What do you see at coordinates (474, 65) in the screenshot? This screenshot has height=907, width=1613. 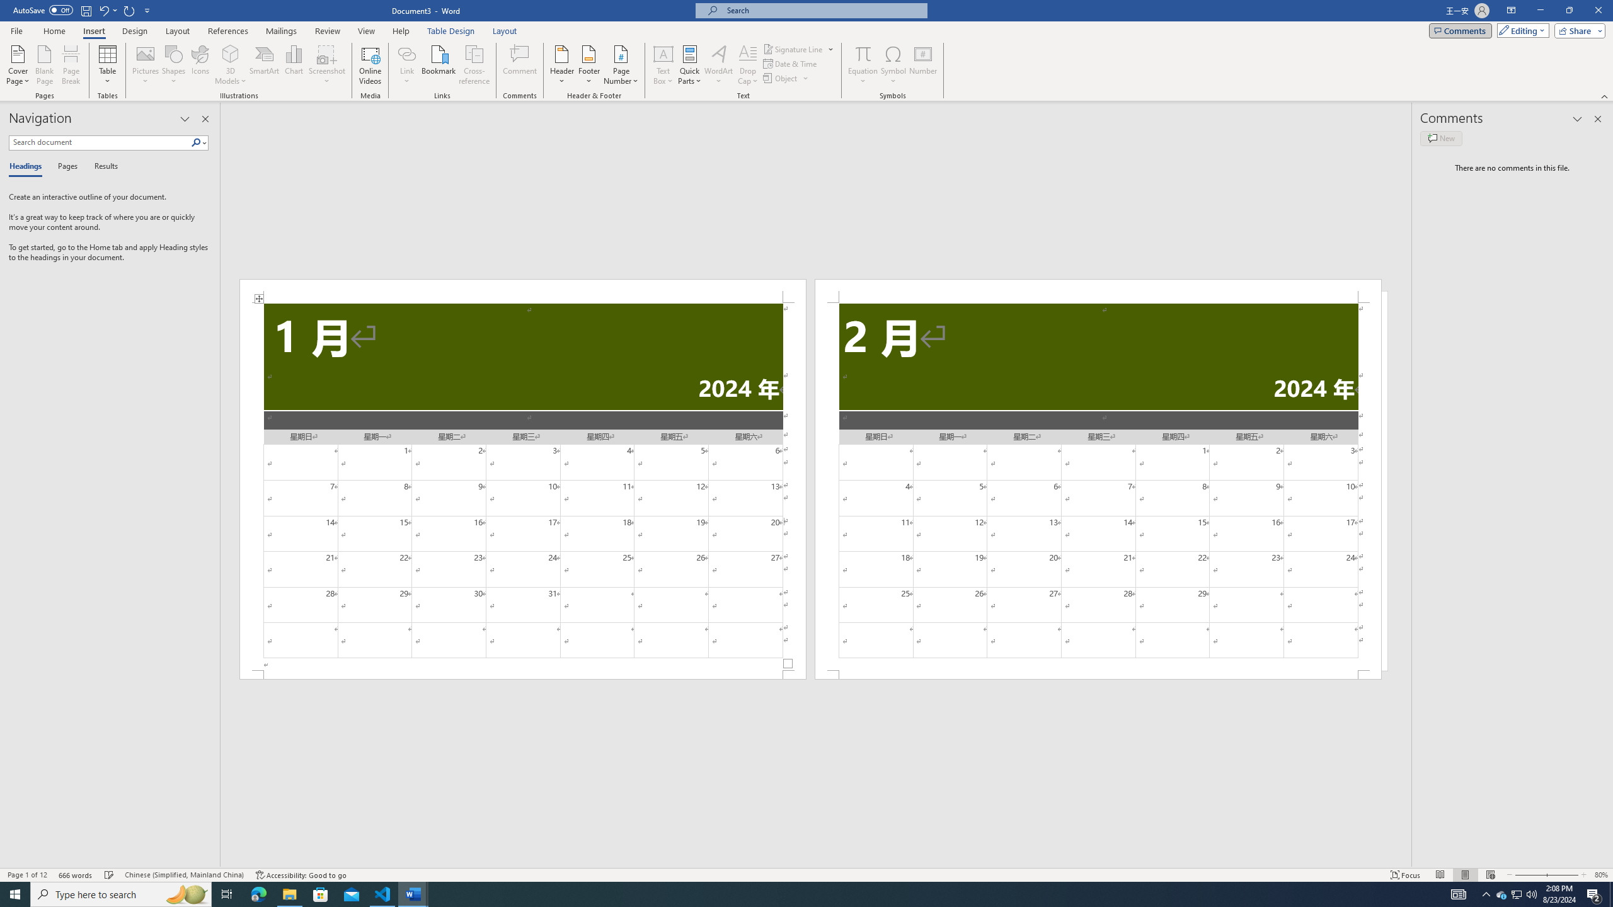 I see `'Cross-reference...'` at bounding box center [474, 65].